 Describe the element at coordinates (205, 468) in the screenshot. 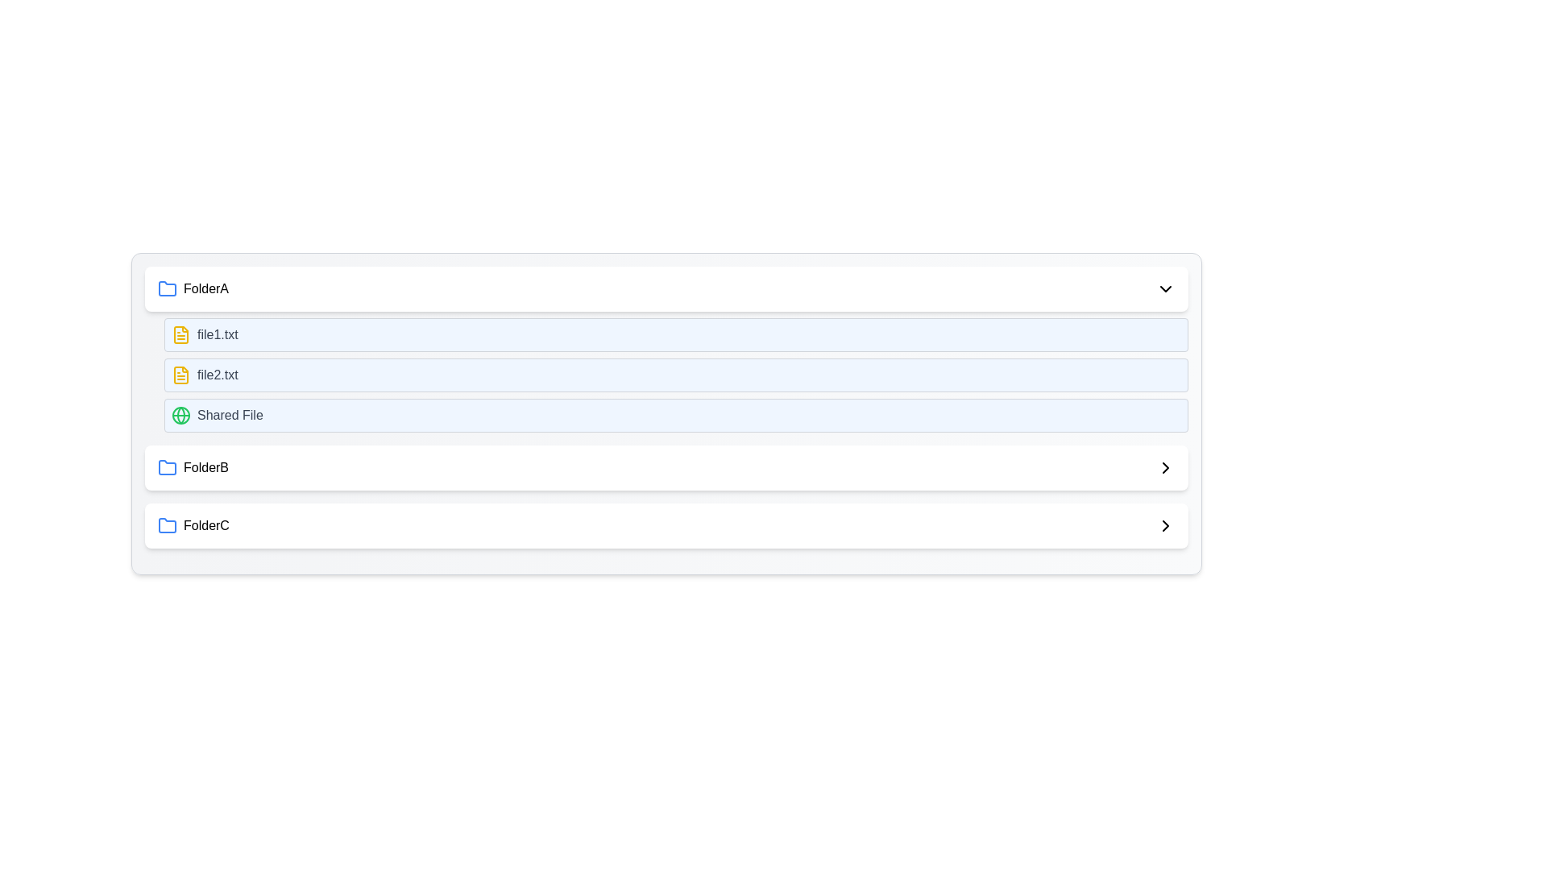

I see `the text label displaying 'FolderB'` at that location.